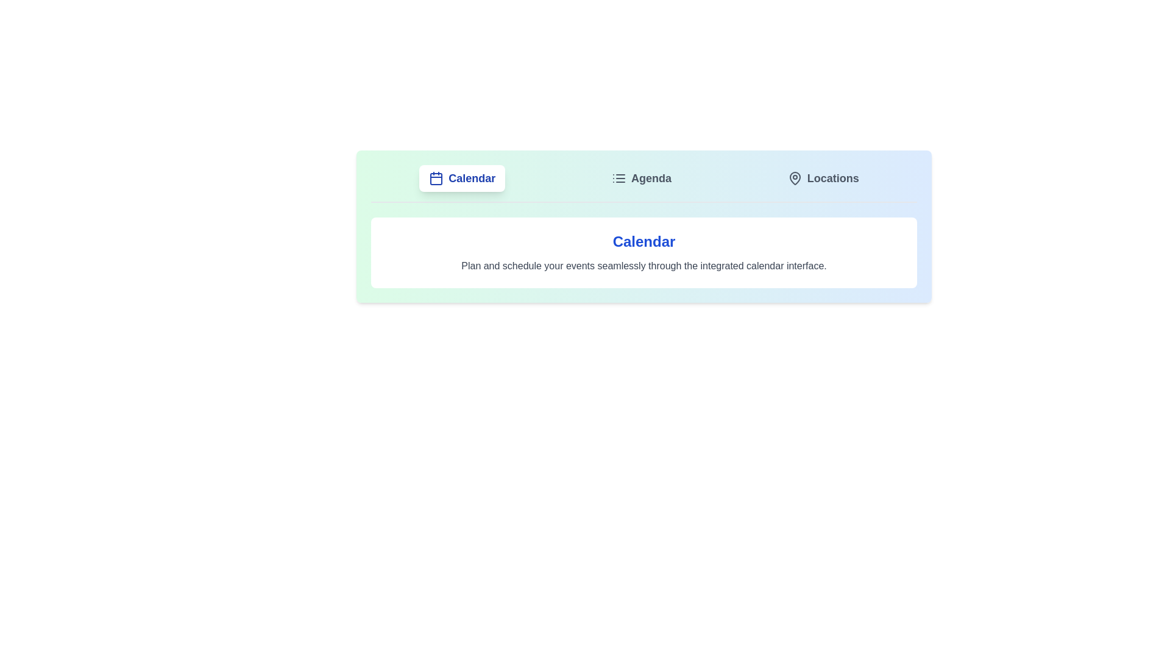  What do you see at coordinates (823, 179) in the screenshot?
I see `the Locations tab by clicking on it` at bounding box center [823, 179].